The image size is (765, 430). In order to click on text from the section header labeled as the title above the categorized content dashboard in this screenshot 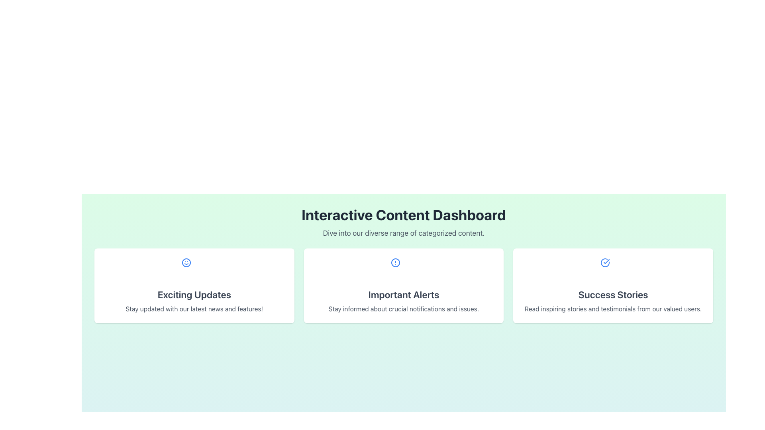, I will do `click(404, 215)`.